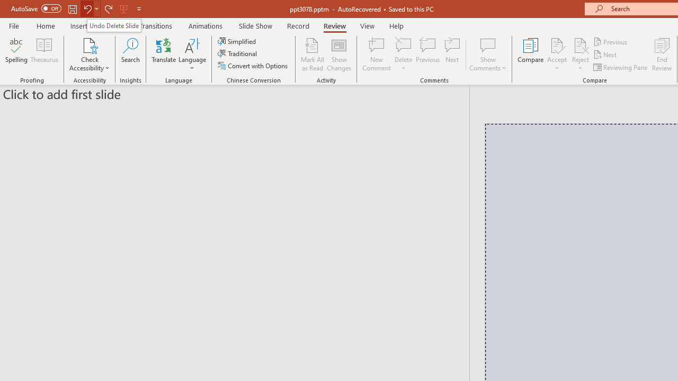 This screenshot has height=381, width=678. Describe the element at coordinates (312, 55) in the screenshot. I see `'Mark All as Read'` at that location.